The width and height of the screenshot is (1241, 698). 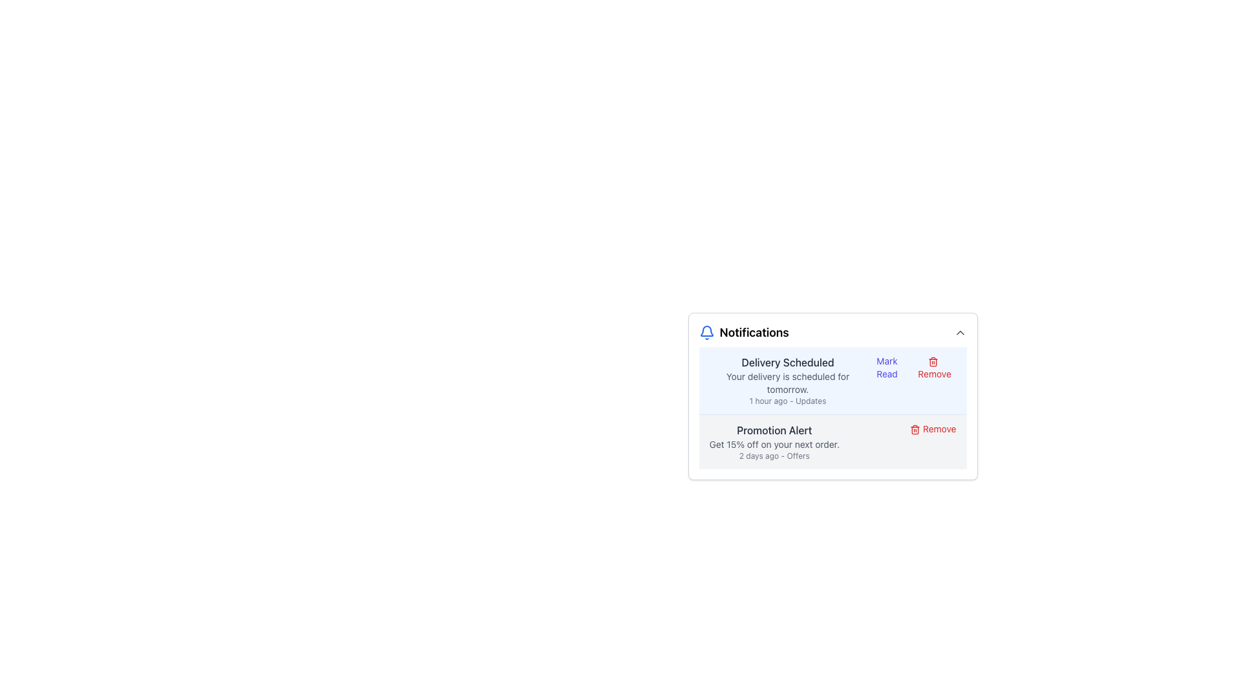 I want to click on the text element that displays 'Get 15% off on your next order.' positioned in the lower section of the notifications box, so click(x=774, y=443).